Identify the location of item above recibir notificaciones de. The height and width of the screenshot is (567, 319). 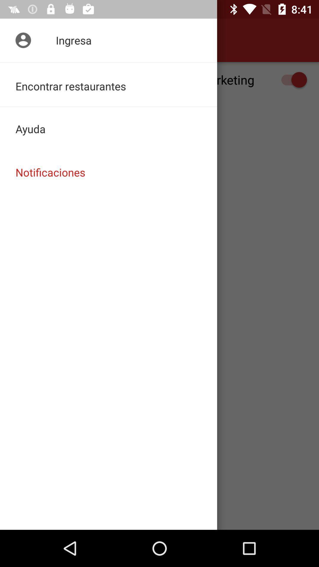
(21, 40).